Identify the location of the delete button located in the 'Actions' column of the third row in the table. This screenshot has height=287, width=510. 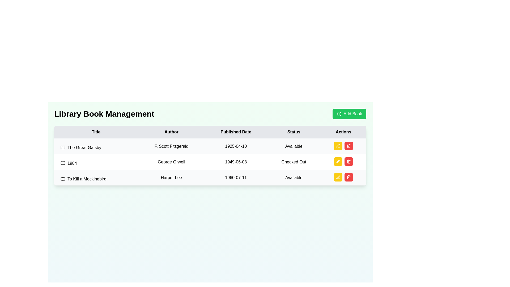
(349, 146).